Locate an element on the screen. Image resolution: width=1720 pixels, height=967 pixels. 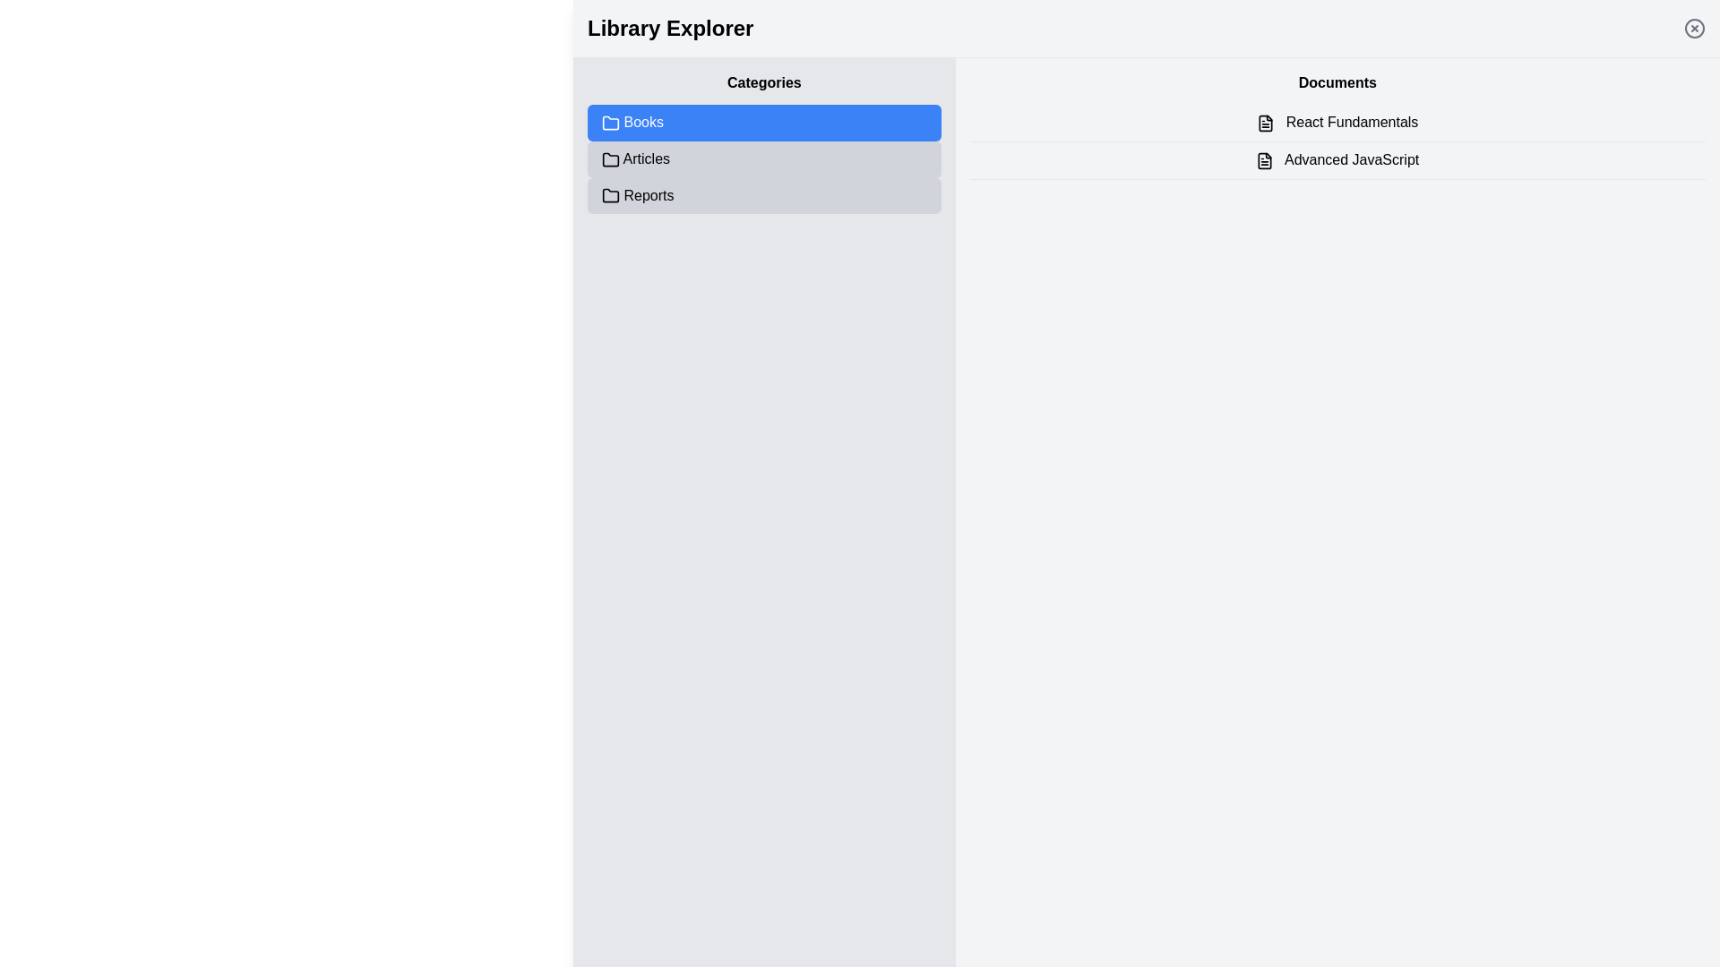
the folder icon labeled 'Articles' in the 'Categories' sidebar is located at coordinates (610, 158).